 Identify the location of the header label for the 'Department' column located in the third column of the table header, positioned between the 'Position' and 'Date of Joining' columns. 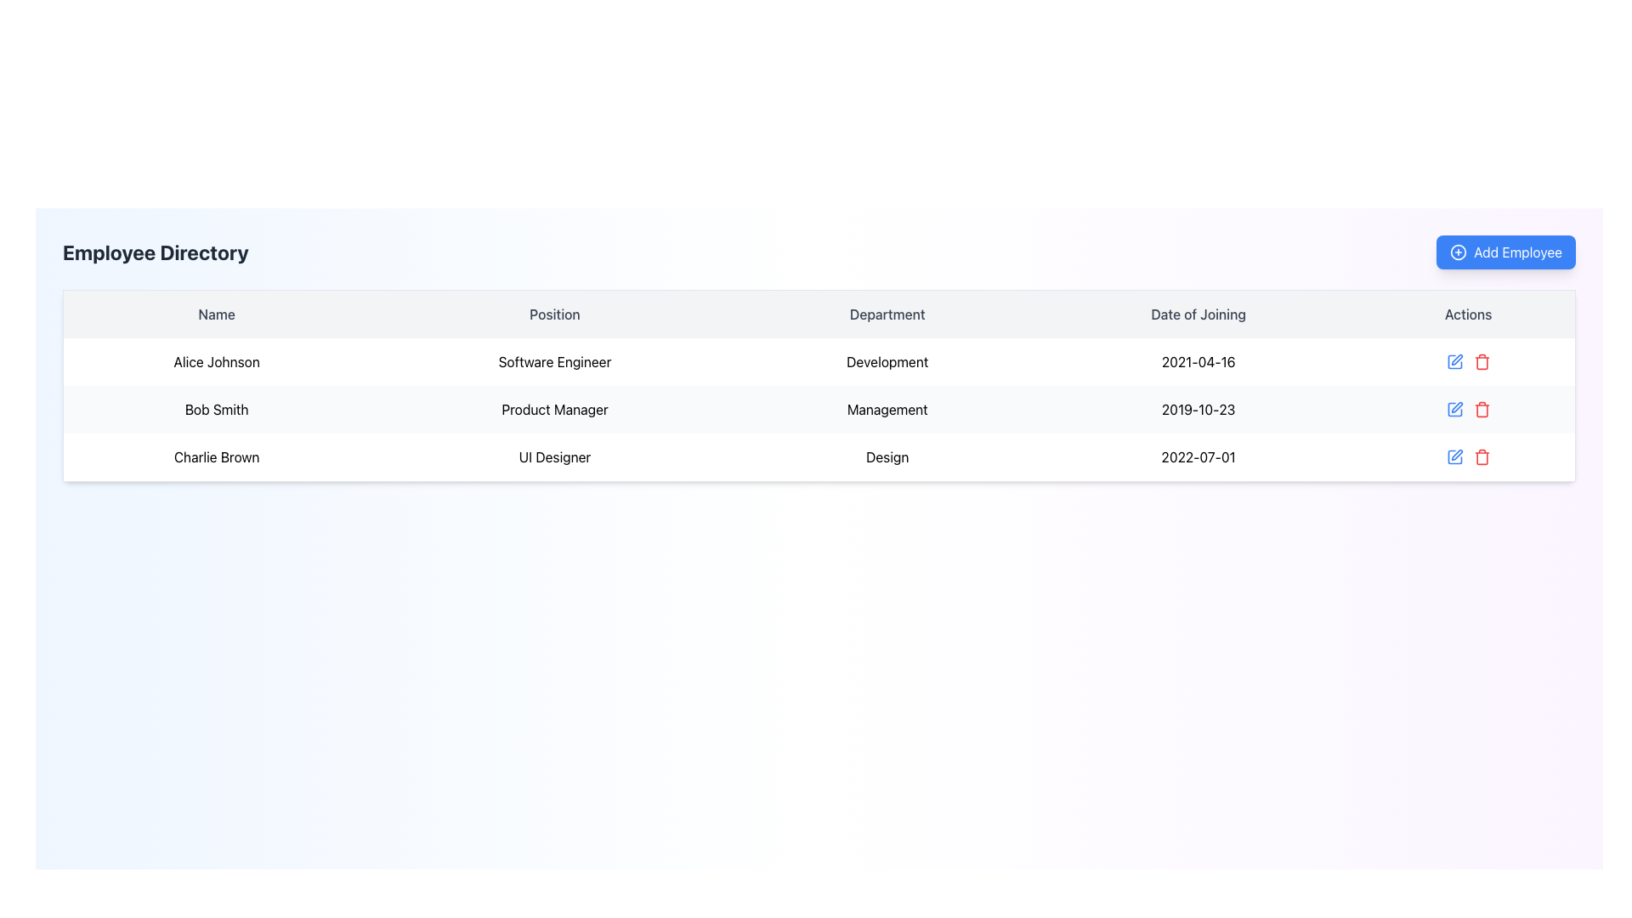
(887, 314).